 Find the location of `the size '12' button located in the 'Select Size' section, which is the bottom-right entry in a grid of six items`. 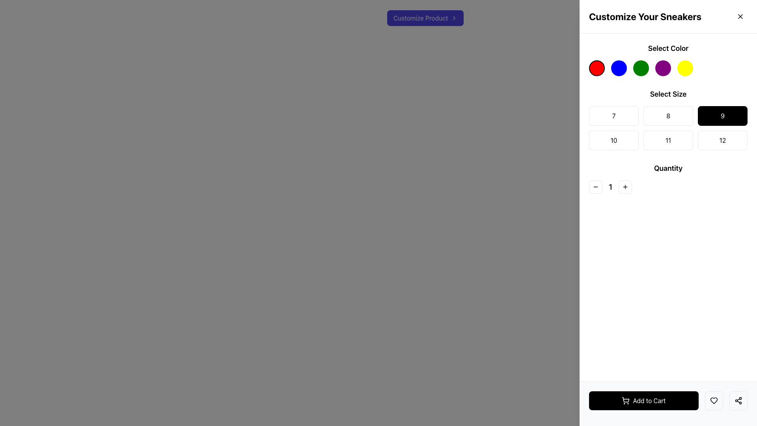

the size '12' button located in the 'Select Size' section, which is the bottom-right entry in a grid of six items is located at coordinates (723, 140).